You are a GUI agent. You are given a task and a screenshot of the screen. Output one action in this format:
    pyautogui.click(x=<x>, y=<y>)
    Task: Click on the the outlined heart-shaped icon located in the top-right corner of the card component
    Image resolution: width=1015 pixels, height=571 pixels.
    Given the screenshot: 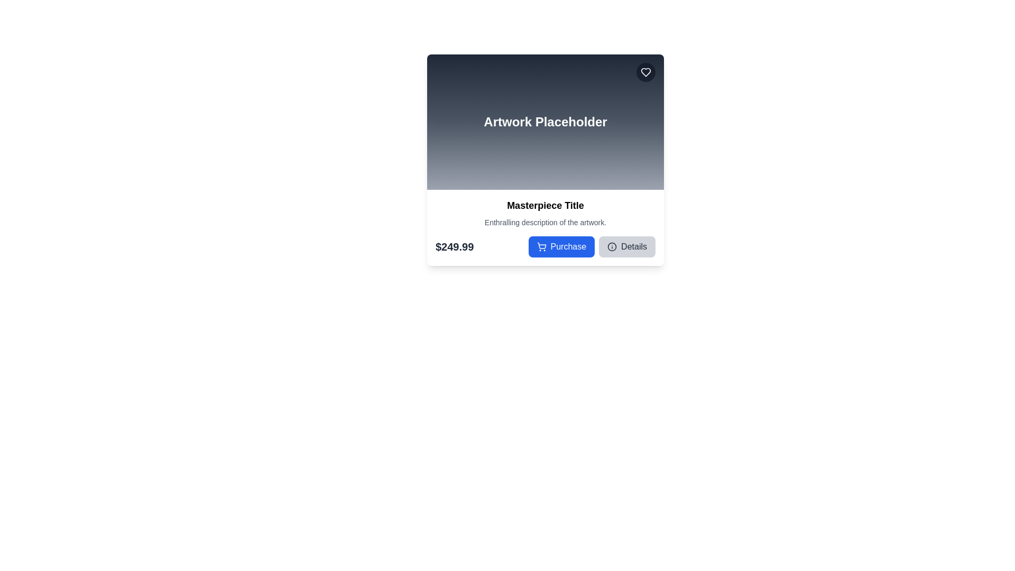 What is the action you would take?
    pyautogui.click(x=645, y=72)
    